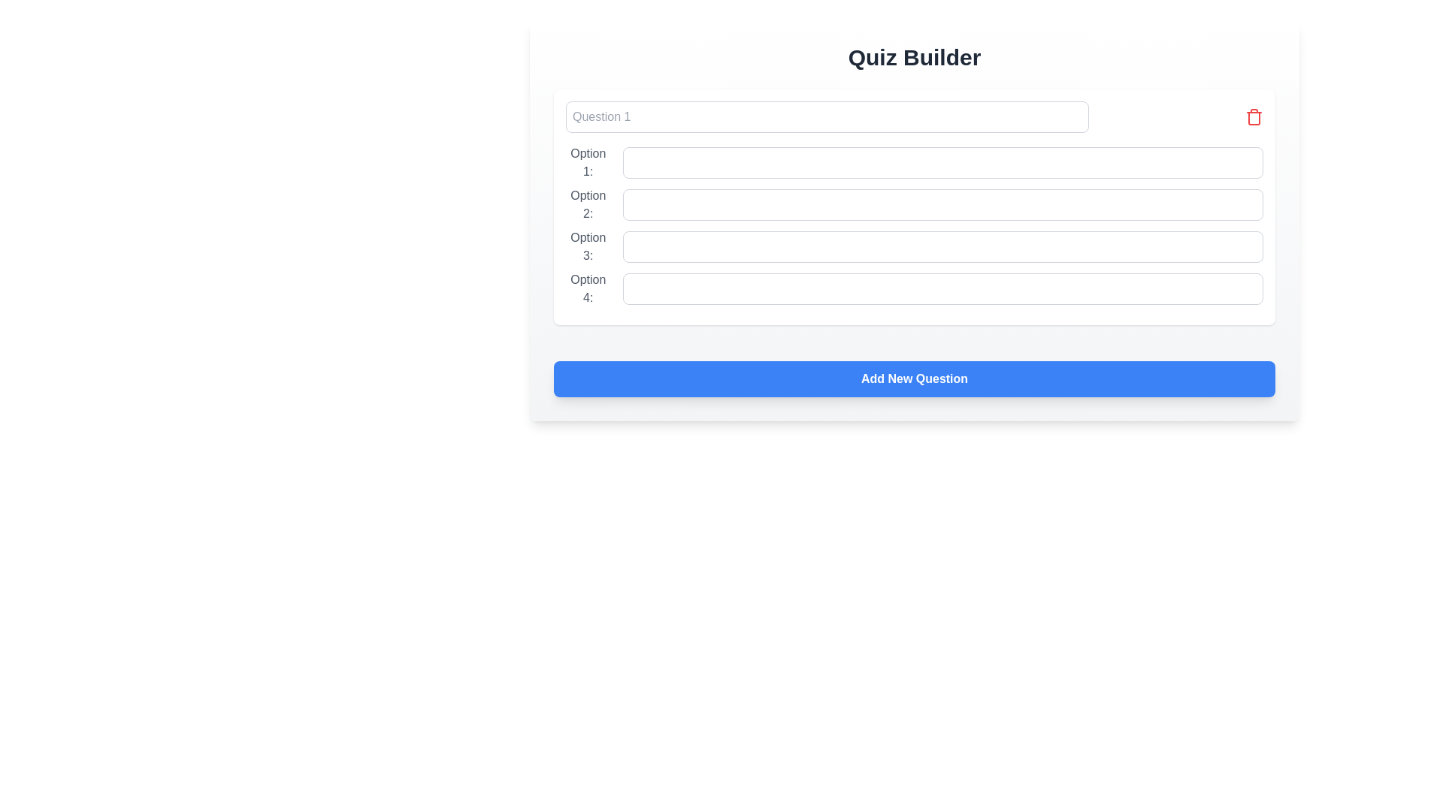 This screenshot has width=1443, height=811. Describe the element at coordinates (1254, 118) in the screenshot. I see `the trash can icon, which is part of the delete button in the quiz builder interface, located in the top-right region of the card-like component` at that location.